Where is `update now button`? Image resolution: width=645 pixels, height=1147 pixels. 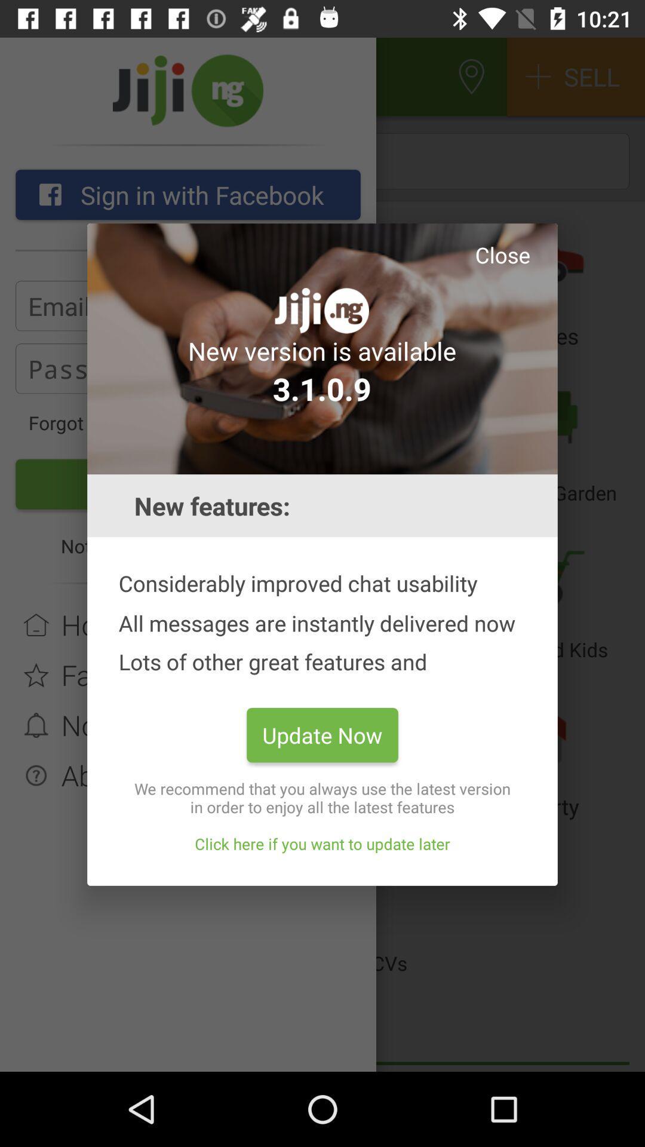 update now button is located at coordinates (322, 734).